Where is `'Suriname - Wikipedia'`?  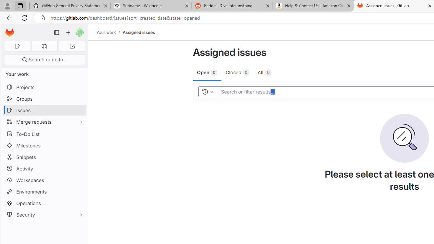
'Suriname - Wikipedia' is located at coordinates (151, 6).